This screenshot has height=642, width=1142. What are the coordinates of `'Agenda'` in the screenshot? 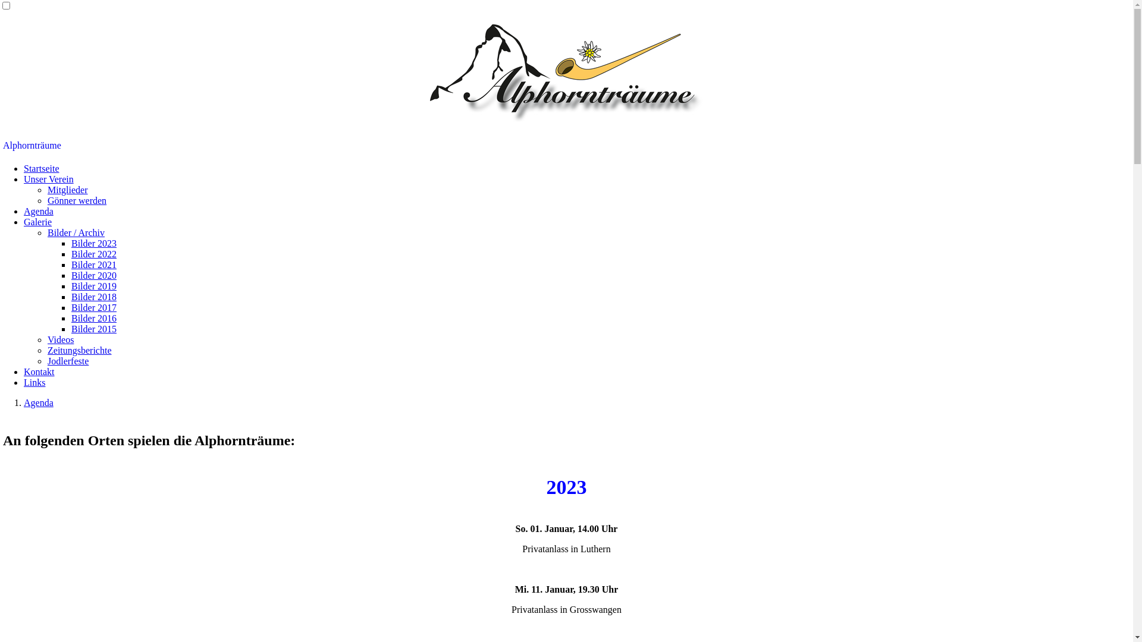 It's located at (39, 402).